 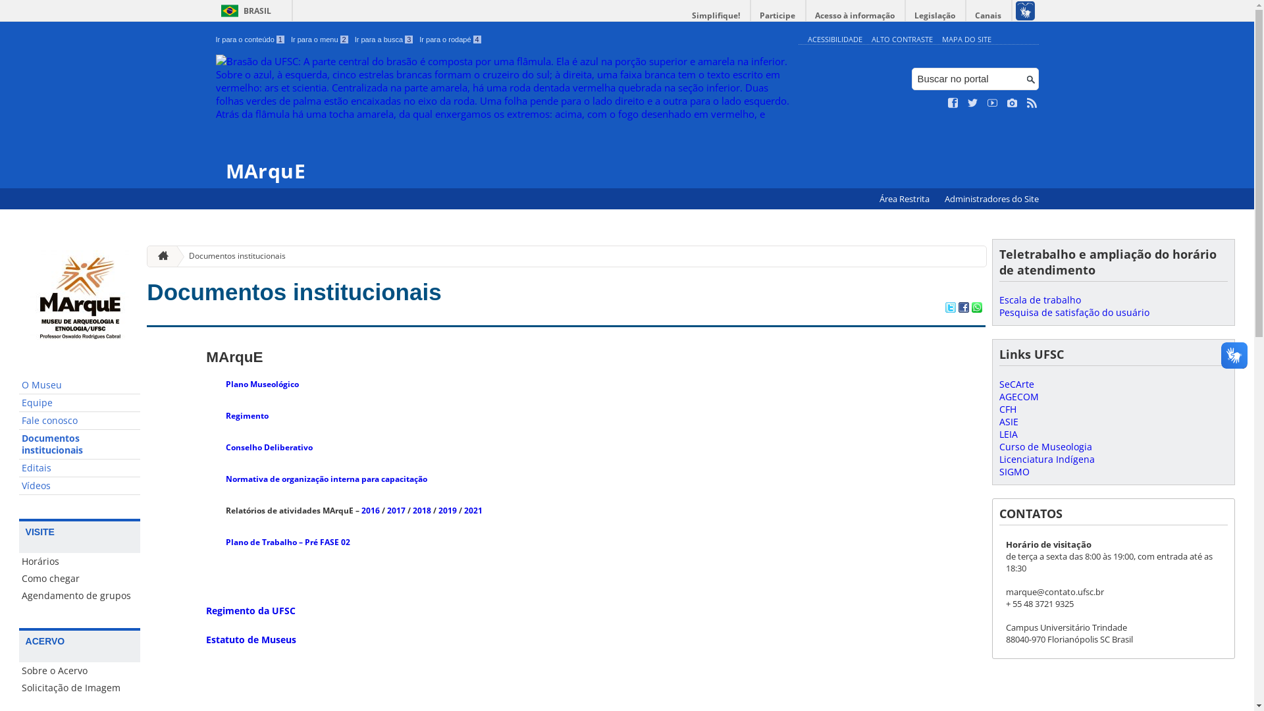 What do you see at coordinates (422, 510) in the screenshot?
I see `'2018'` at bounding box center [422, 510].